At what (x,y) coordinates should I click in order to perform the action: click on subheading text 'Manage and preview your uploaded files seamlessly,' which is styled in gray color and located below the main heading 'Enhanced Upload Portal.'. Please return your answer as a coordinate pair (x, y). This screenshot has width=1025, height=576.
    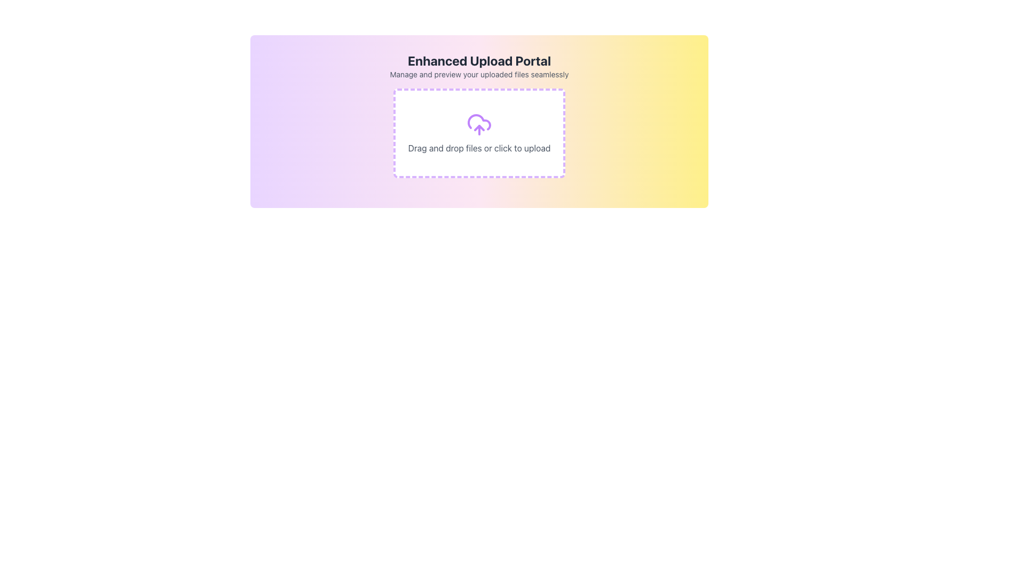
    Looking at the image, I should click on (478, 74).